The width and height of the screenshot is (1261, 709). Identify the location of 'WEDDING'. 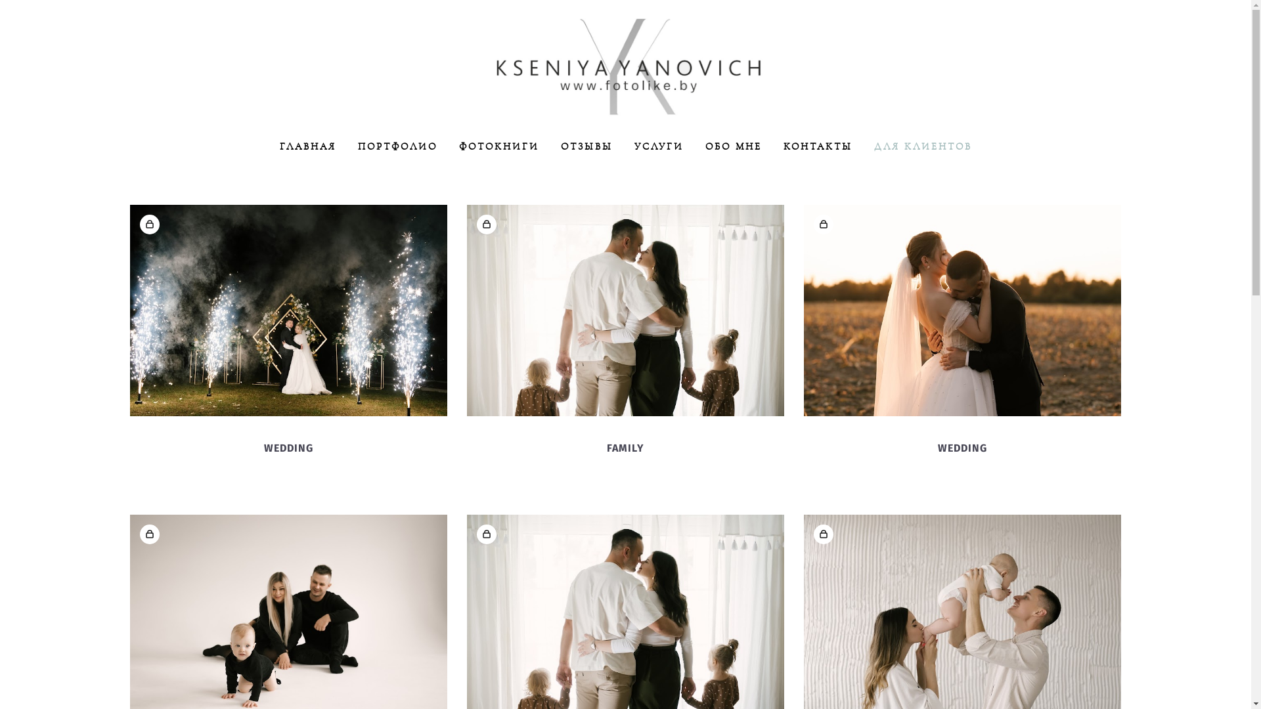
(937, 447).